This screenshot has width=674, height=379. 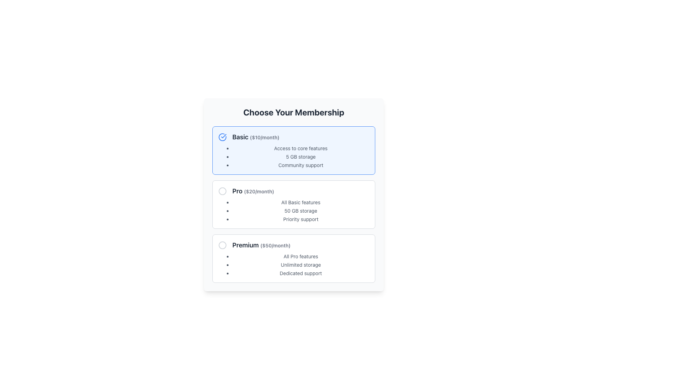 I want to click on the 'Basic' membership plan label, which identifies the plan's name and cost, located near the top-left corner of the highlighted membership option under 'Choose Your Membership.', so click(x=256, y=137).